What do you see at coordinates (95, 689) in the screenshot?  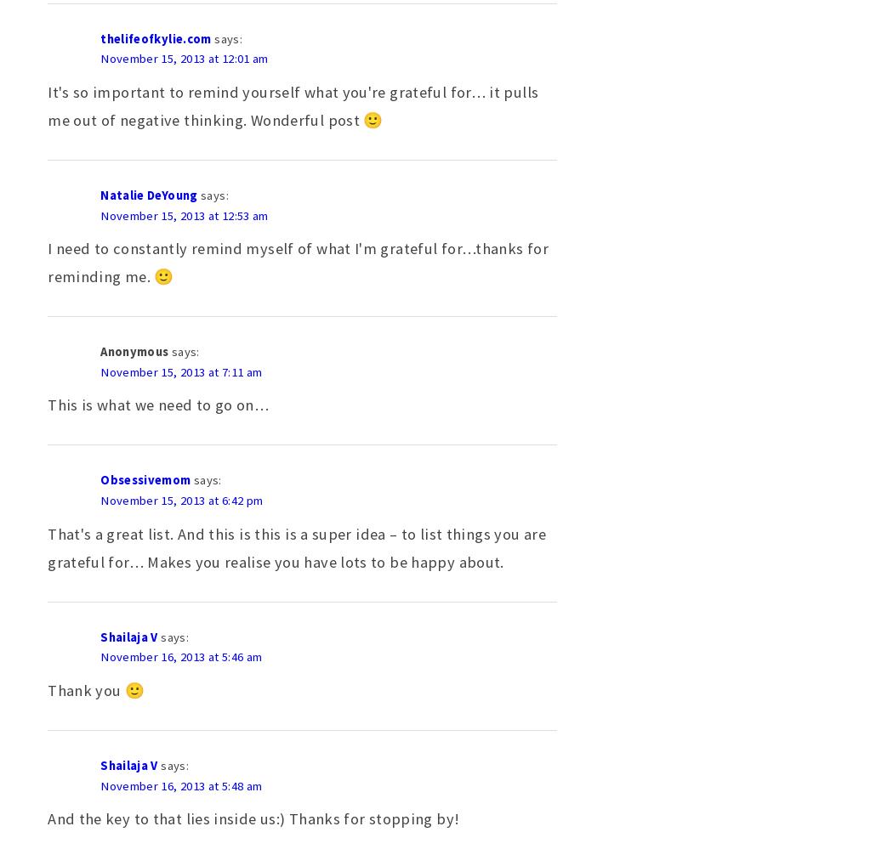 I see `'Thank you 🙂'` at bounding box center [95, 689].